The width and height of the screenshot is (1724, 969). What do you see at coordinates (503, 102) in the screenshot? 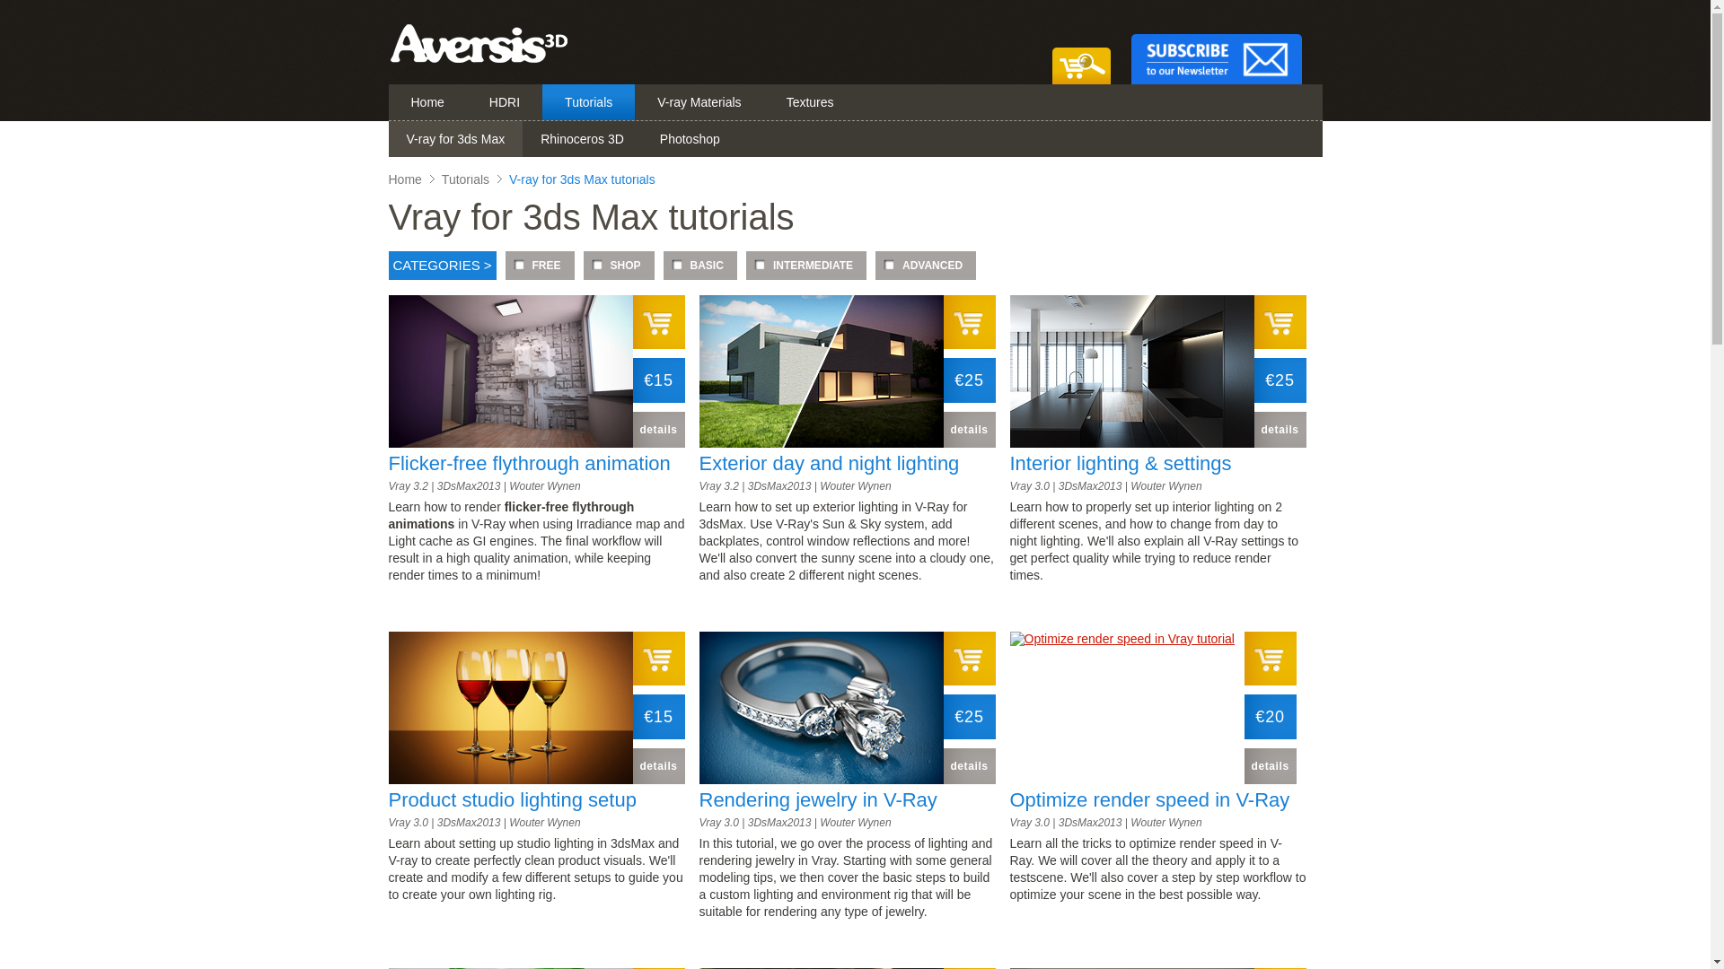
I see `'HDRI'` at bounding box center [503, 102].